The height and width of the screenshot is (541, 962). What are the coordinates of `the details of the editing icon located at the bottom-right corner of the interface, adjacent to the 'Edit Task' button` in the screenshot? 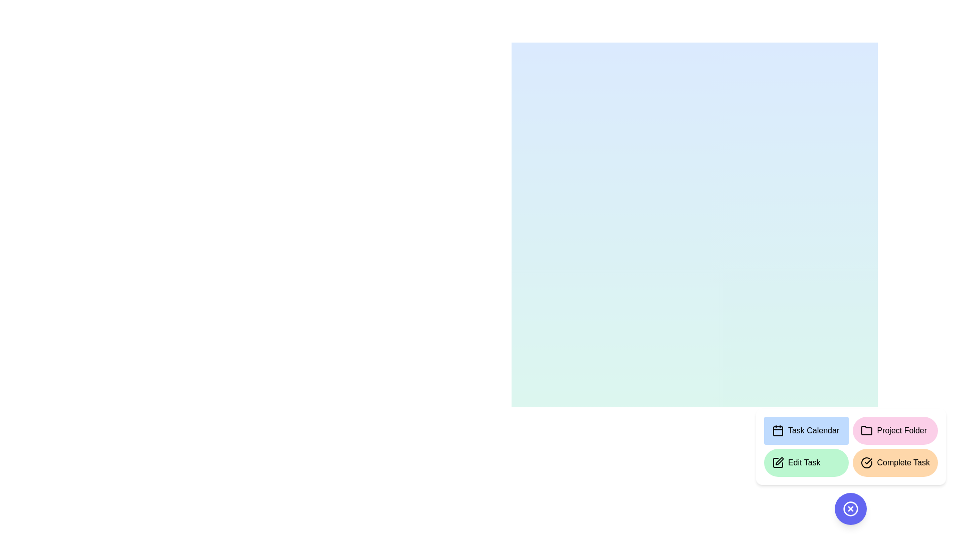 It's located at (779, 461).